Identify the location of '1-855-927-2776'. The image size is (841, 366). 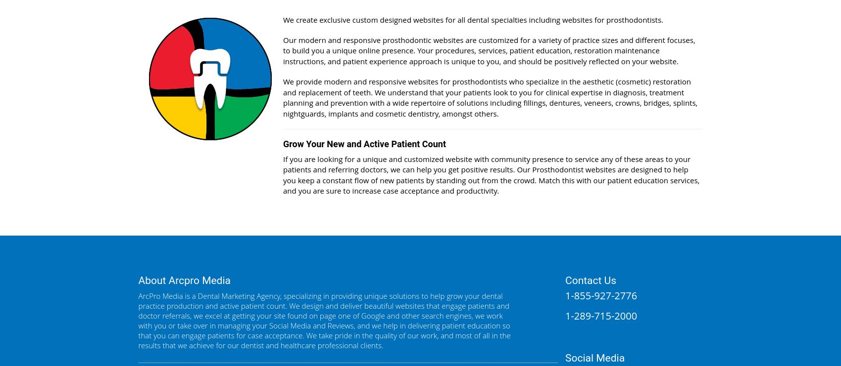
(601, 295).